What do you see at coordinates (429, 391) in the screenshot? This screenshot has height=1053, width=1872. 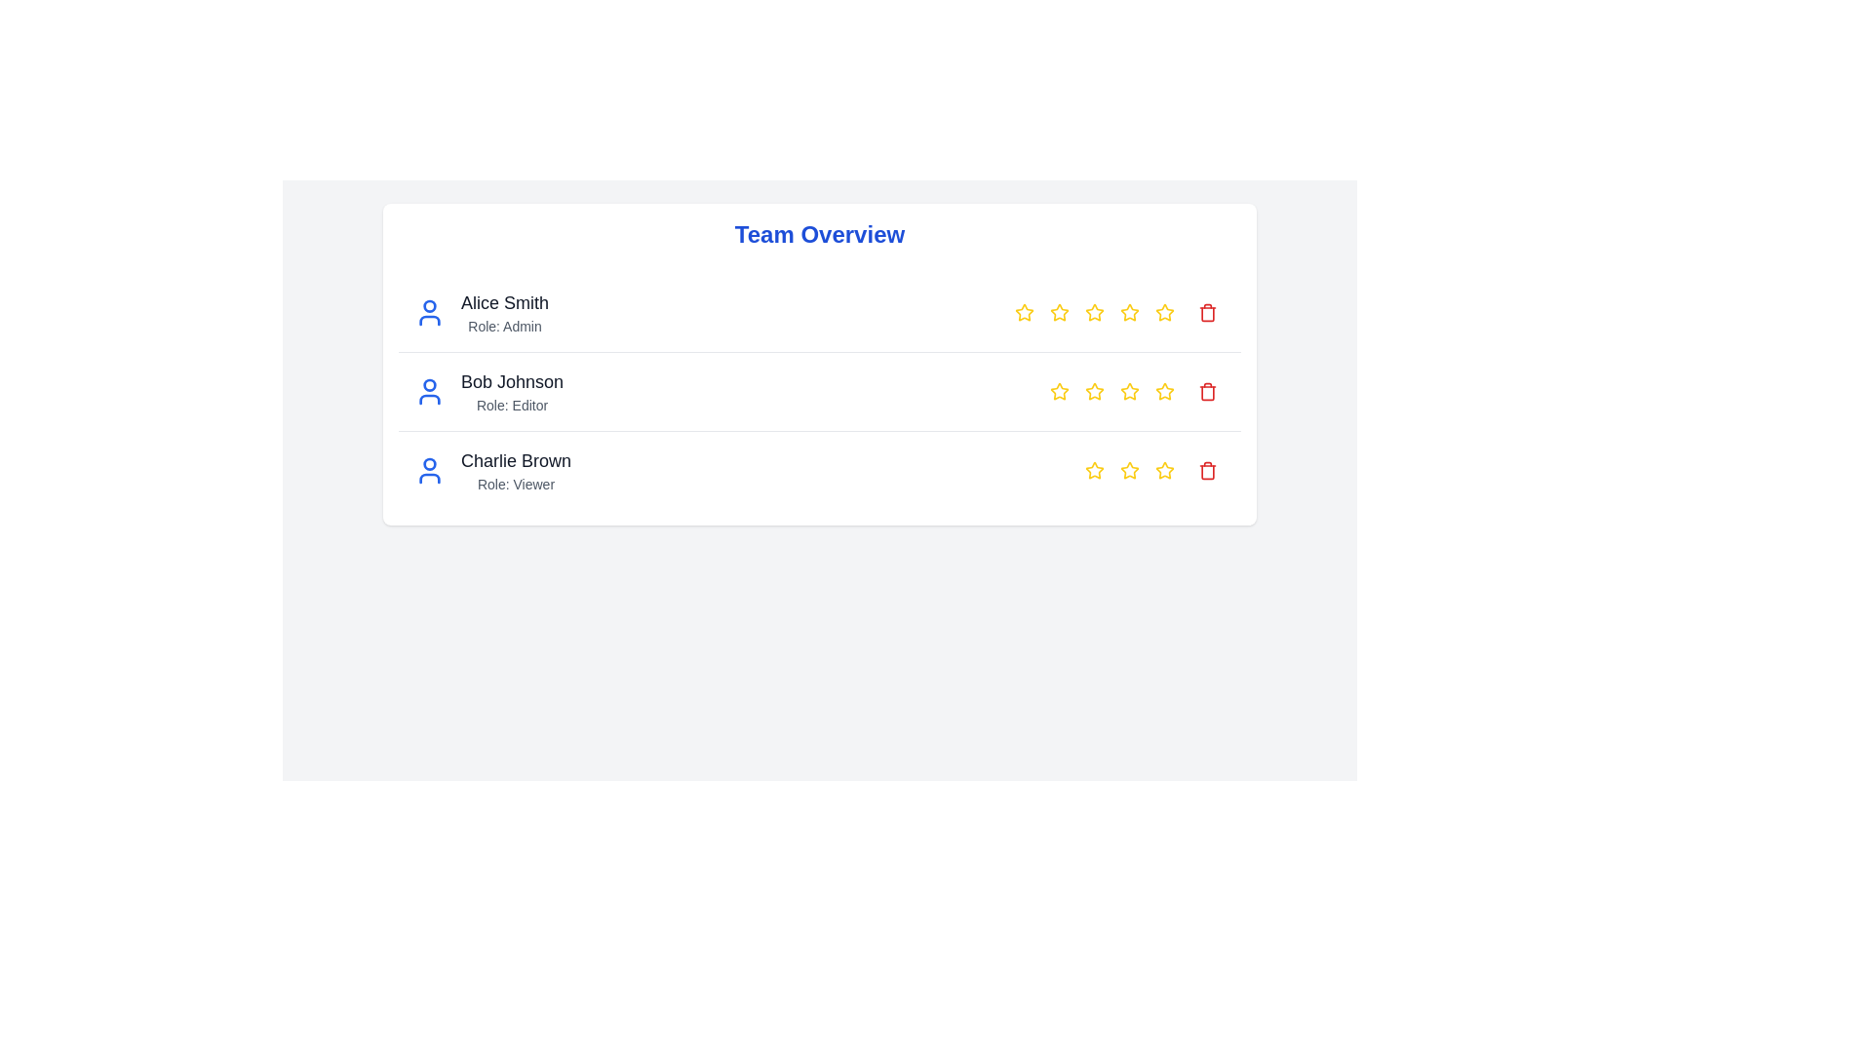 I see `the profile icon for 'Bob Johnson' in the 'Team Overview' list, which visually represents the user and is positioned at the start of the entry row` at bounding box center [429, 391].